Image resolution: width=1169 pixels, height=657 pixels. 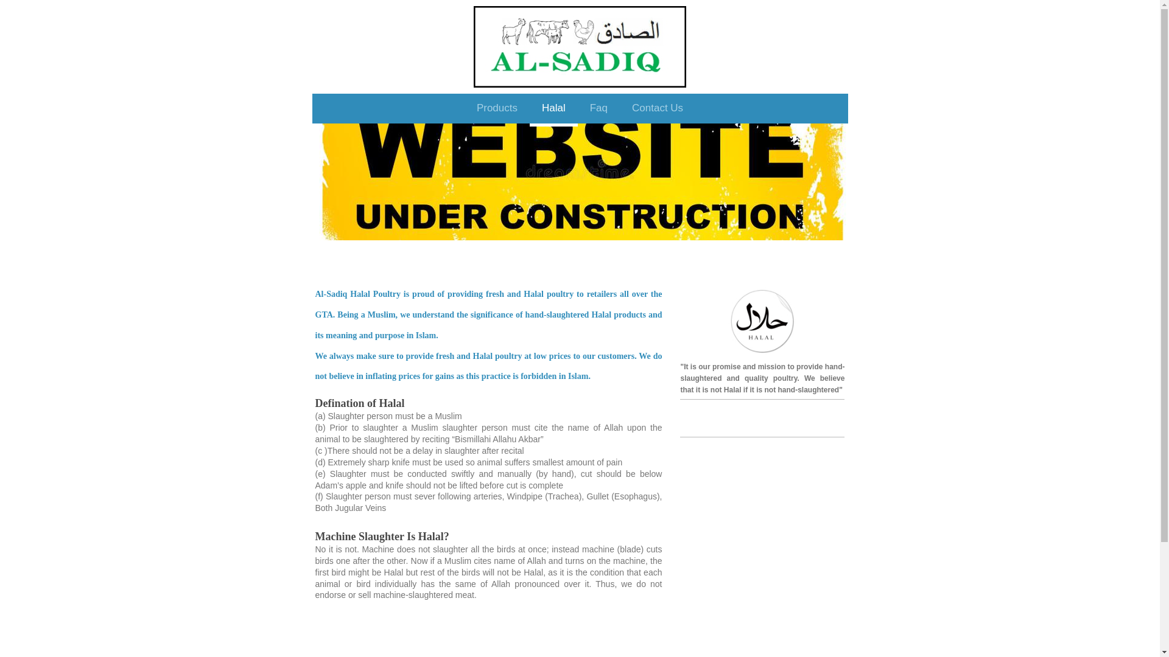 I want to click on 'Products', so click(x=497, y=110).